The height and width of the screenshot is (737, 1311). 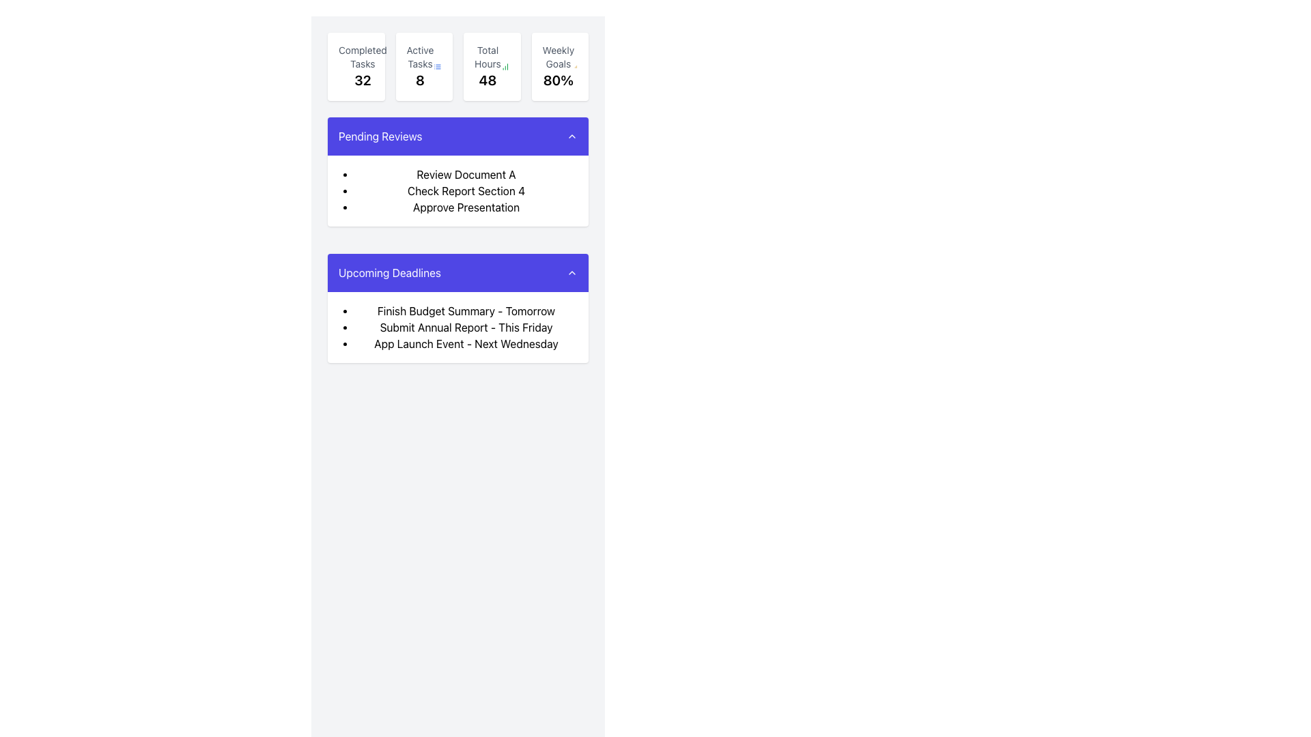 What do you see at coordinates (558, 81) in the screenshot?
I see `the text element displaying '80%' in bold font, located below 'Weekly Goals' and to the right within a statistics group` at bounding box center [558, 81].